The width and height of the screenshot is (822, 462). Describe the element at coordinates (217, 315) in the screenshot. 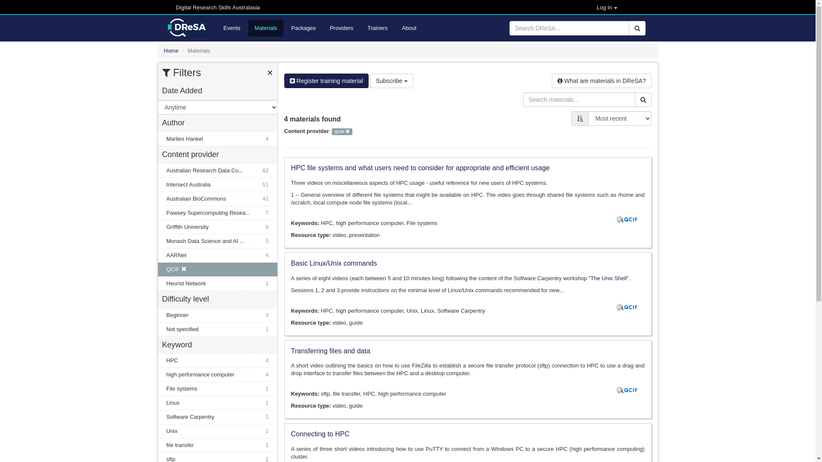

I see `'Beginner` at that location.